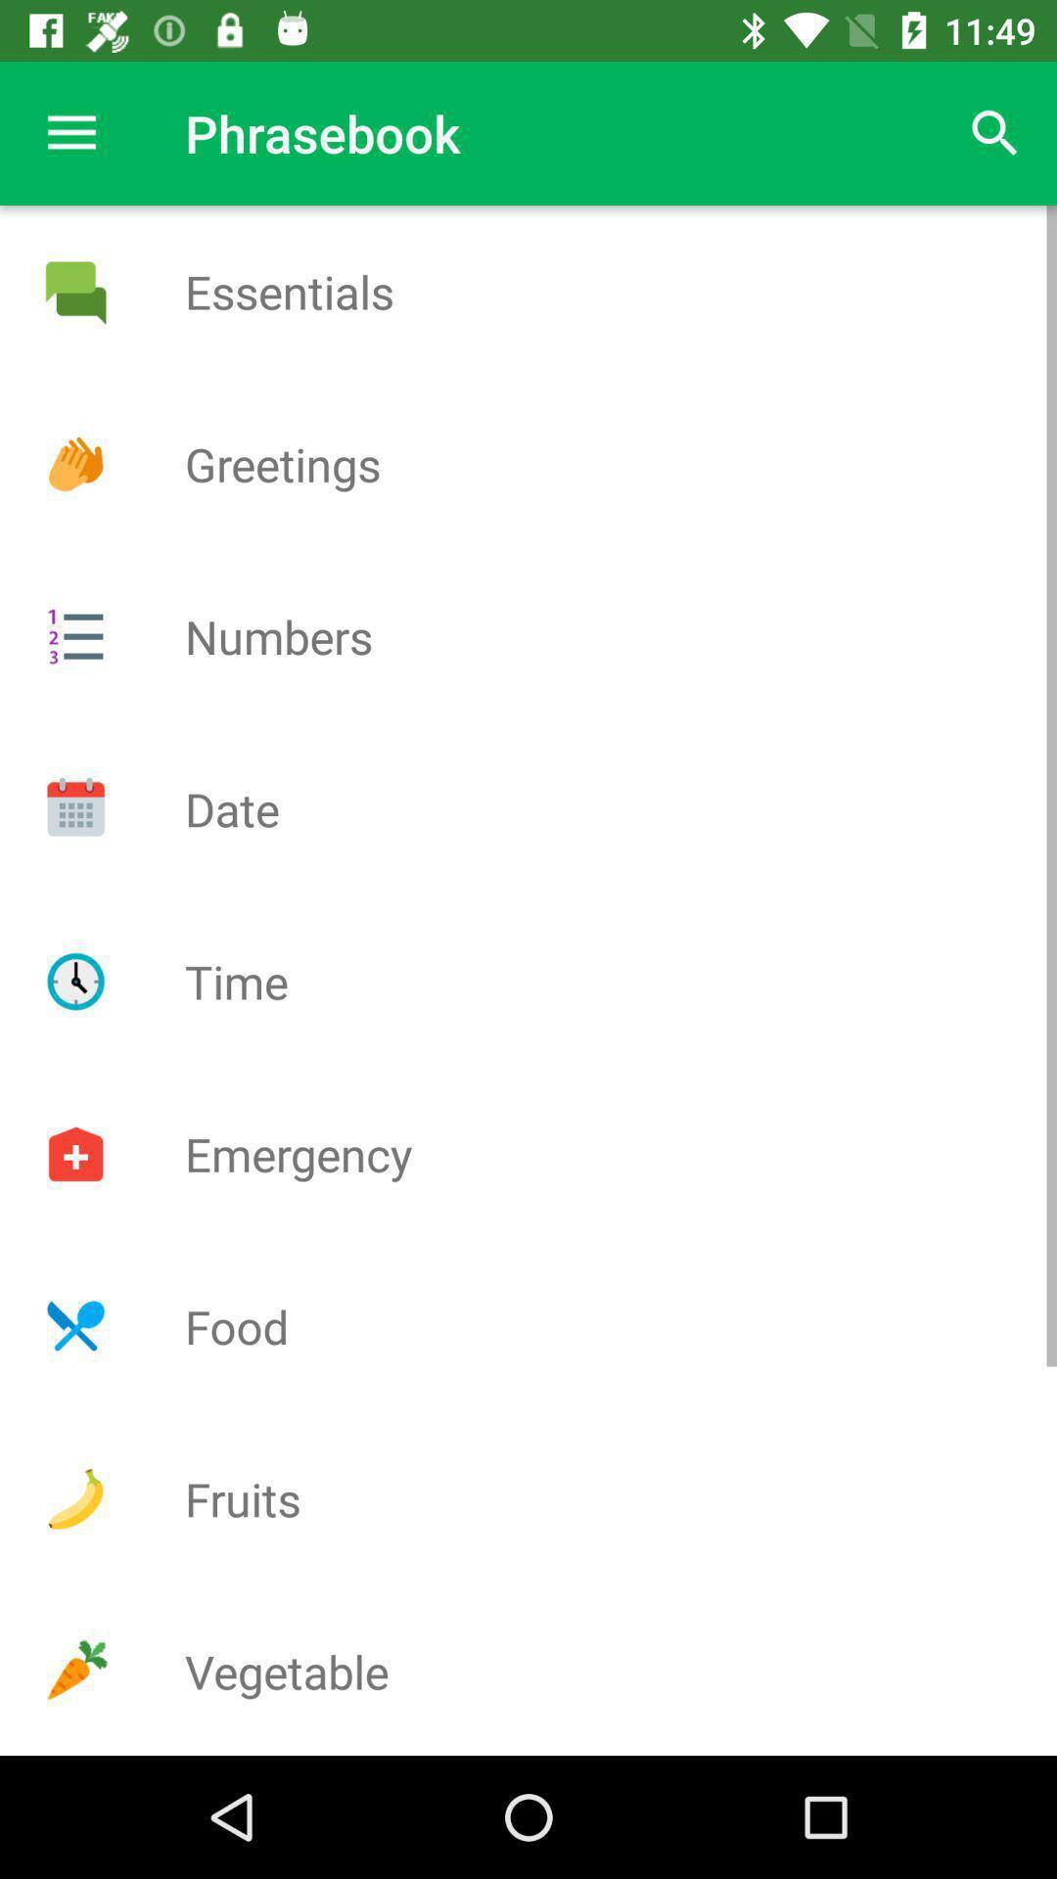 This screenshot has height=1879, width=1057. I want to click on vegetable phrases, so click(74, 1671).